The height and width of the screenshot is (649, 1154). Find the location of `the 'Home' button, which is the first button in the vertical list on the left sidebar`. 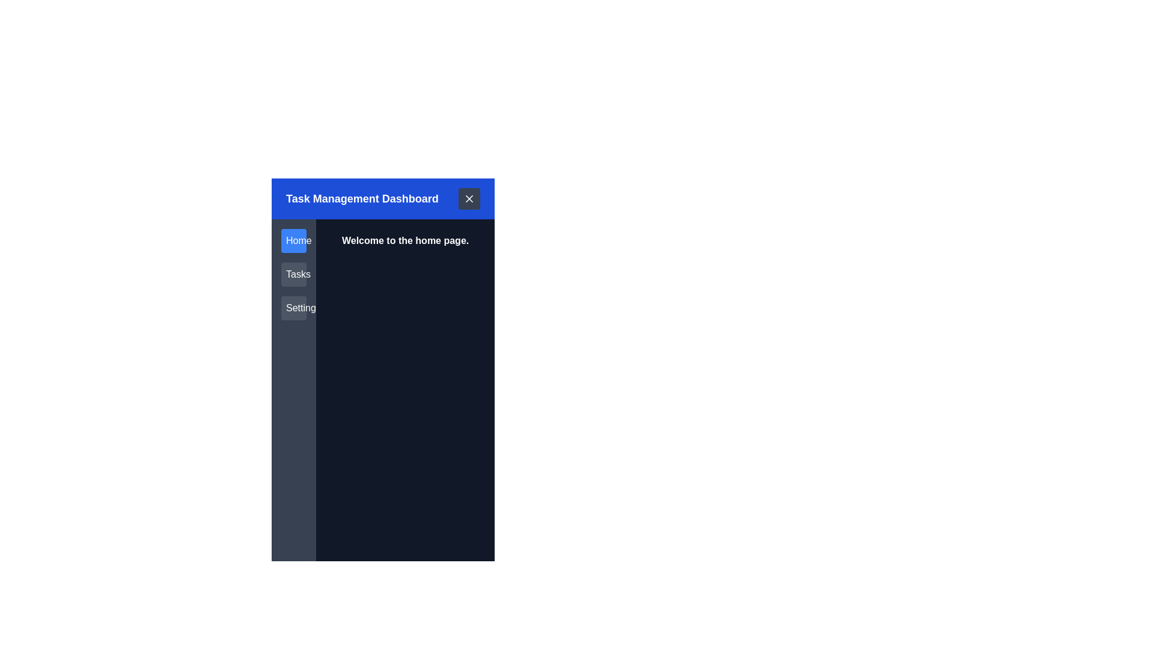

the 'Home' button, which is the first button in the vertical list on the left sidebar is located at coordinates (294, 241).